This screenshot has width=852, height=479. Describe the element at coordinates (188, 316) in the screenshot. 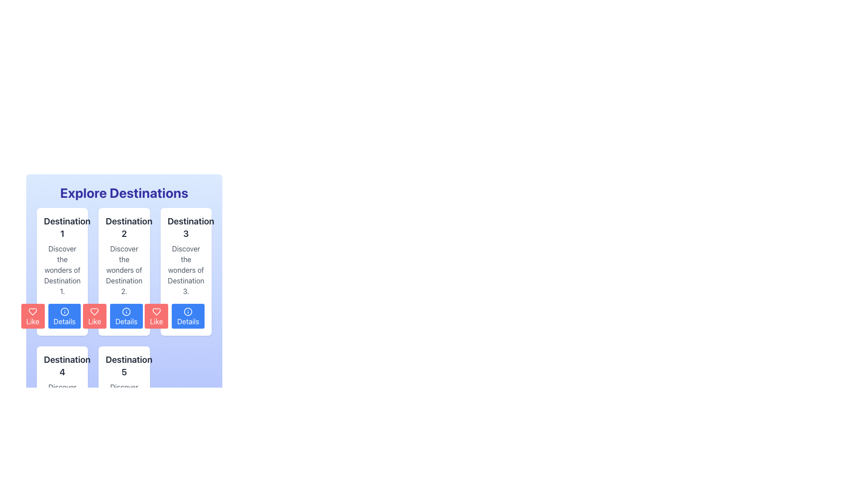

I see `the button that displays additional details about the associated destination, located to the right of the 'Like' button and below the text for Destination 3` at that location.